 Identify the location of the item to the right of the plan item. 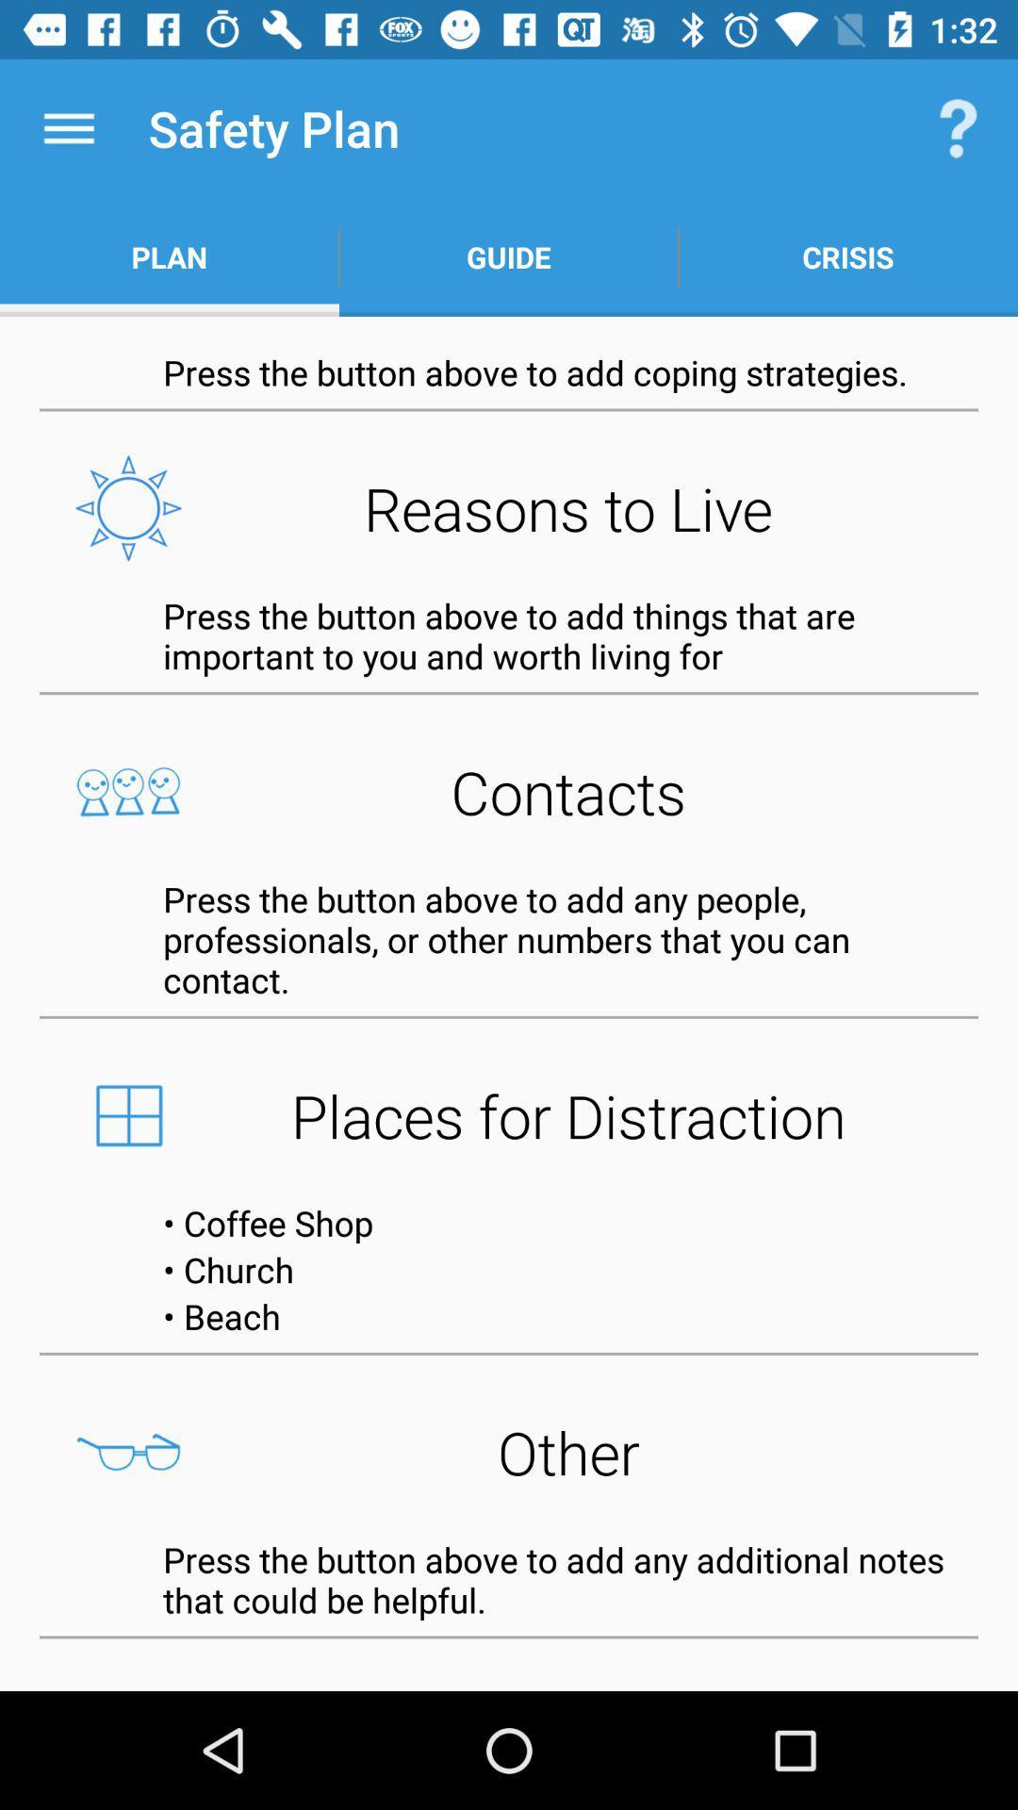
(509, 256).